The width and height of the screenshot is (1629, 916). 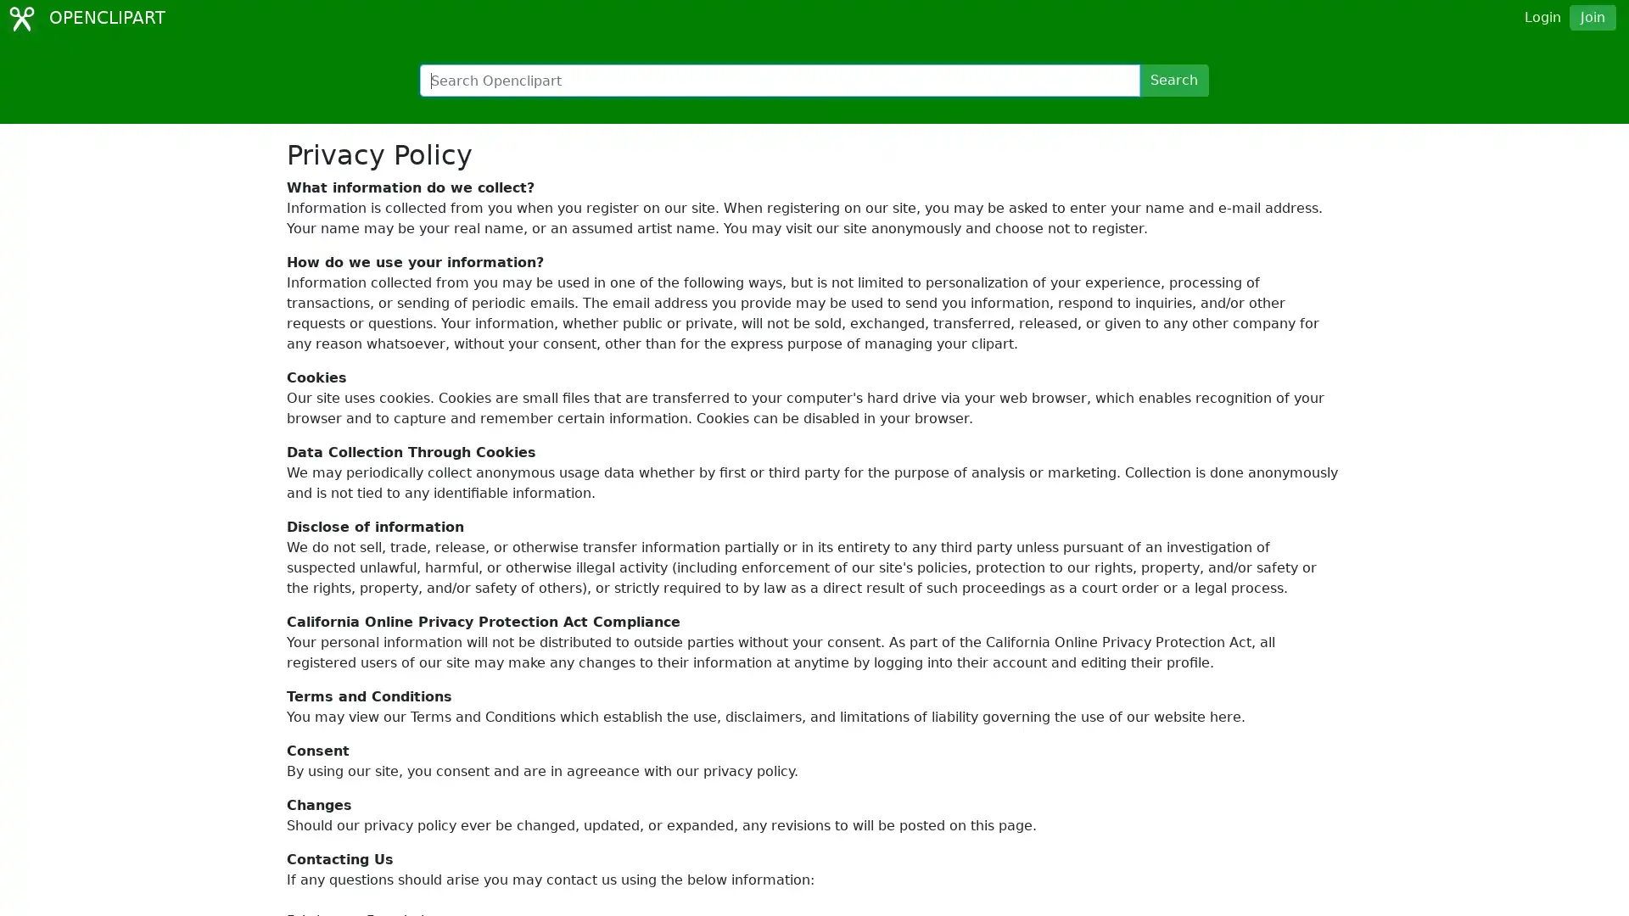 What do you see at coordinates (1173, 81) in the screenshot?
I see `Search` at bounding box center [1173, 81].